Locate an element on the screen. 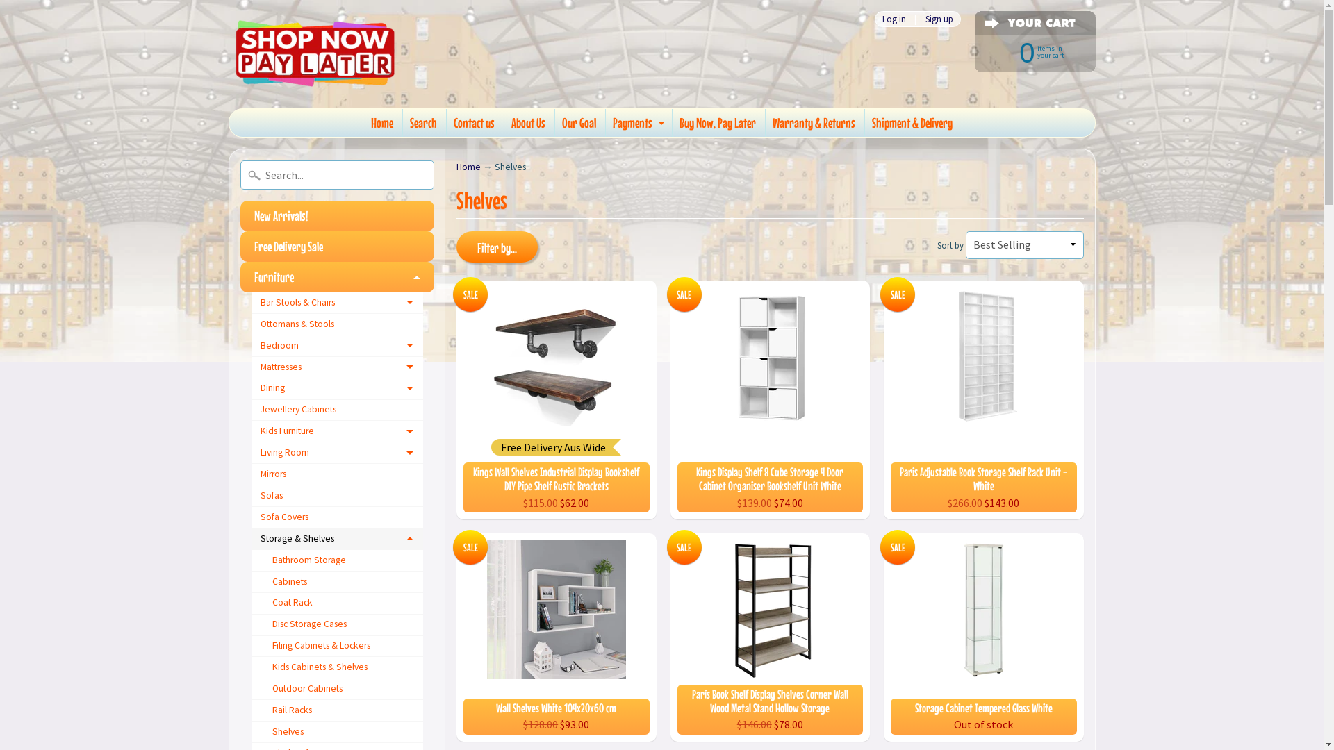  'Mirrors' is located at coordinates (337, 474).